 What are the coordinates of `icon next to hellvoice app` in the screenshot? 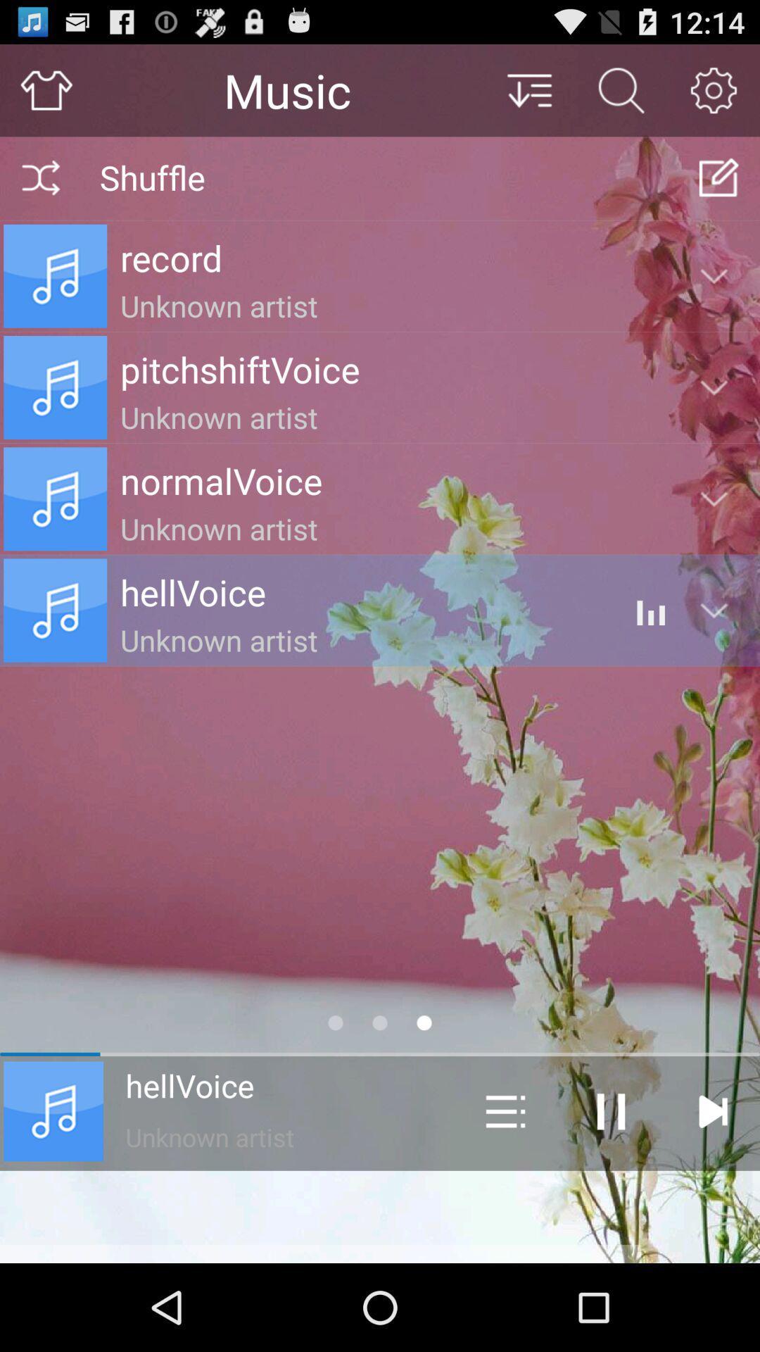 It's located at (505, 1110).